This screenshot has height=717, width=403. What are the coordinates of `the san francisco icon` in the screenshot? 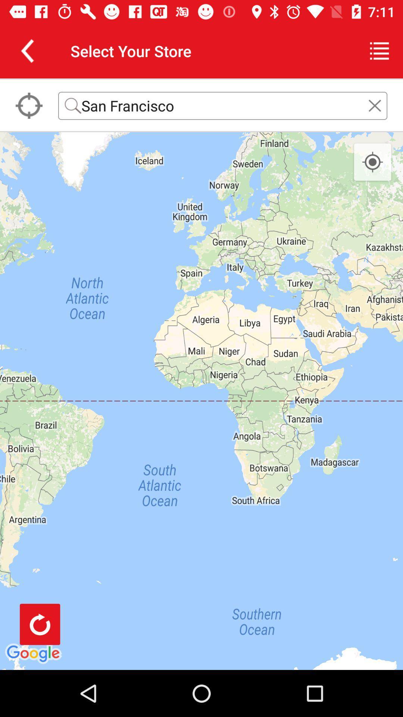 It's located at (222, 105).